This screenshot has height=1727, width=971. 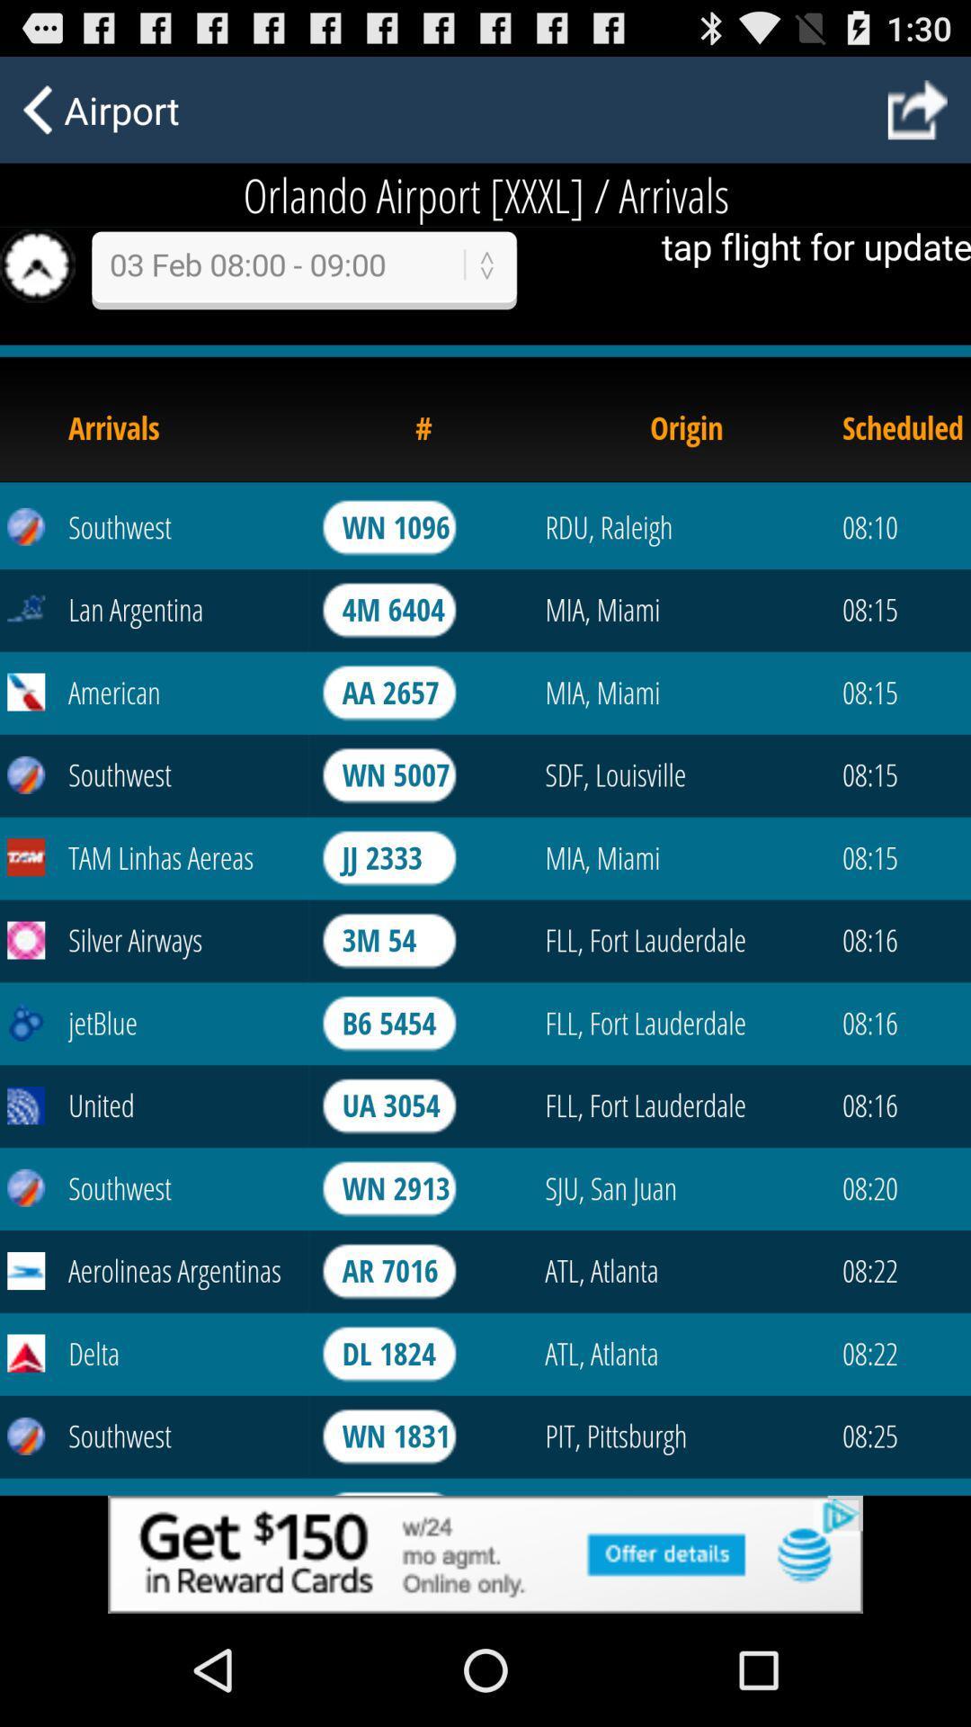 What do you see at coordinates (917, 109) in the screenshot?
I see `go back` at bounding box center [917, 109].